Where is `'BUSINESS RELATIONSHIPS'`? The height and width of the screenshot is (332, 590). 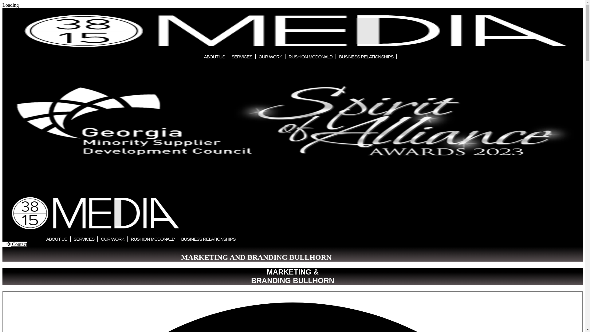
'BUSINESS RELATIONSHIPS' is located at coordinates (336, 57).